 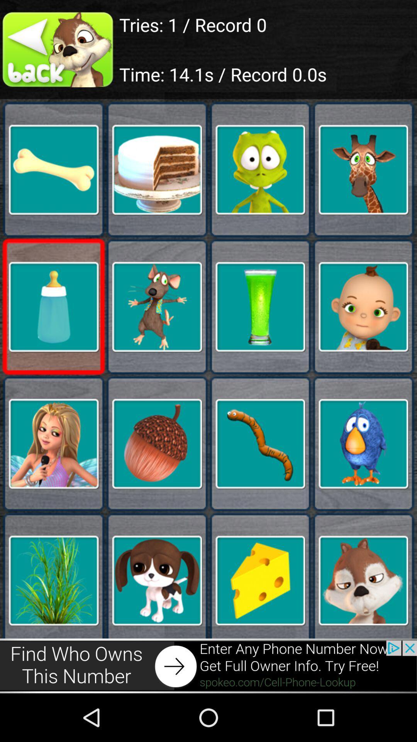 What do you see at coordinates (157, 580) in the screenshot?
I see `the image which is in last row 2nd column` at bounding box center [157, 580].